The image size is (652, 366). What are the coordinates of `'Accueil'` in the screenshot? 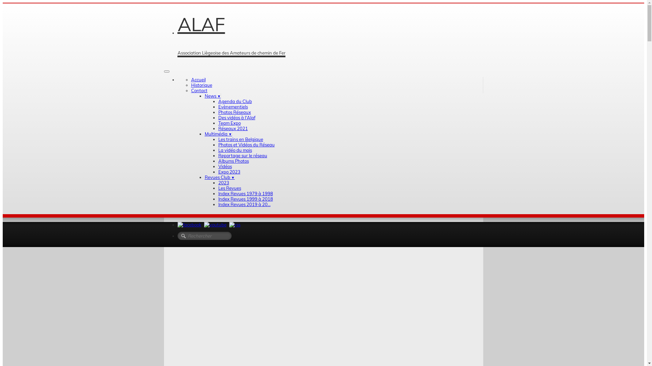 It's located at (190, 79).